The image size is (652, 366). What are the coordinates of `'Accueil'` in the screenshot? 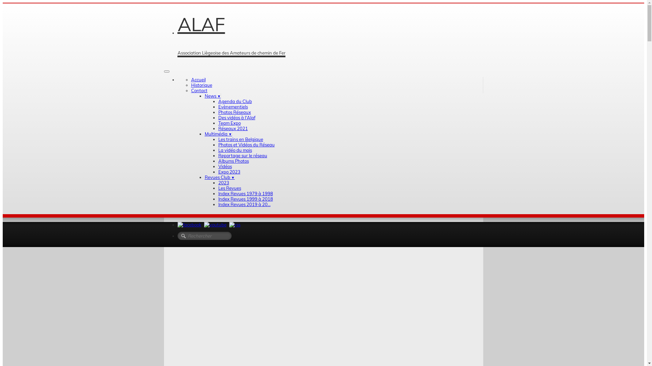 It's located at (190, 79).